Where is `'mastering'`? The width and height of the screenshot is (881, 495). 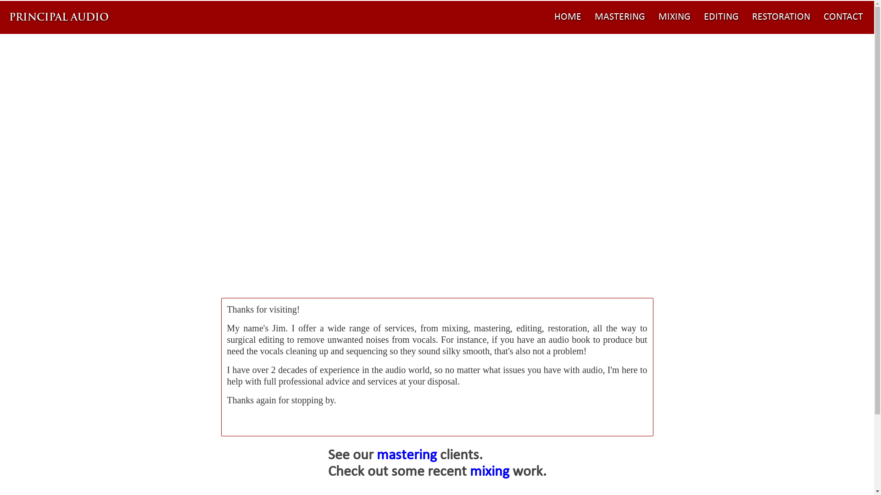
'mastering' is located at coordinates (406, 456).